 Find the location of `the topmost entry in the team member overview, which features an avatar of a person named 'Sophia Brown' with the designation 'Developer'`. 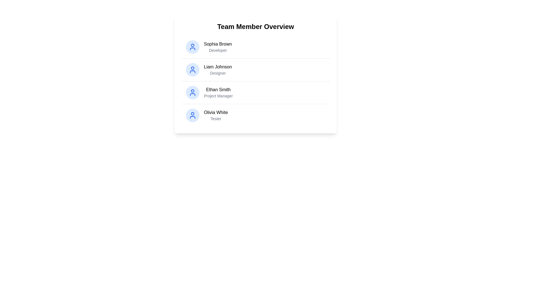

the topmost entry in the team member overview, which features an avatar of a person named 'Sophia Brown' with the designation 'Developer' is located at coordinates (208, 46).